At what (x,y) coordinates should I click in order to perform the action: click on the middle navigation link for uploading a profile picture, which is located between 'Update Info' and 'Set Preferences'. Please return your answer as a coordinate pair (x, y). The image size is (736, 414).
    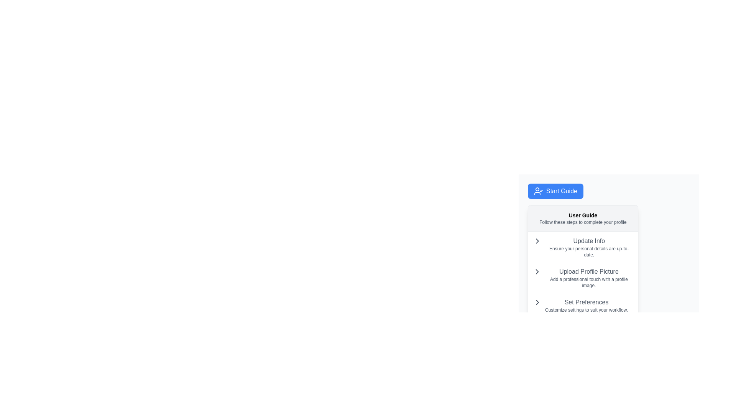
    Looking at the image, I should click on (583, 278).